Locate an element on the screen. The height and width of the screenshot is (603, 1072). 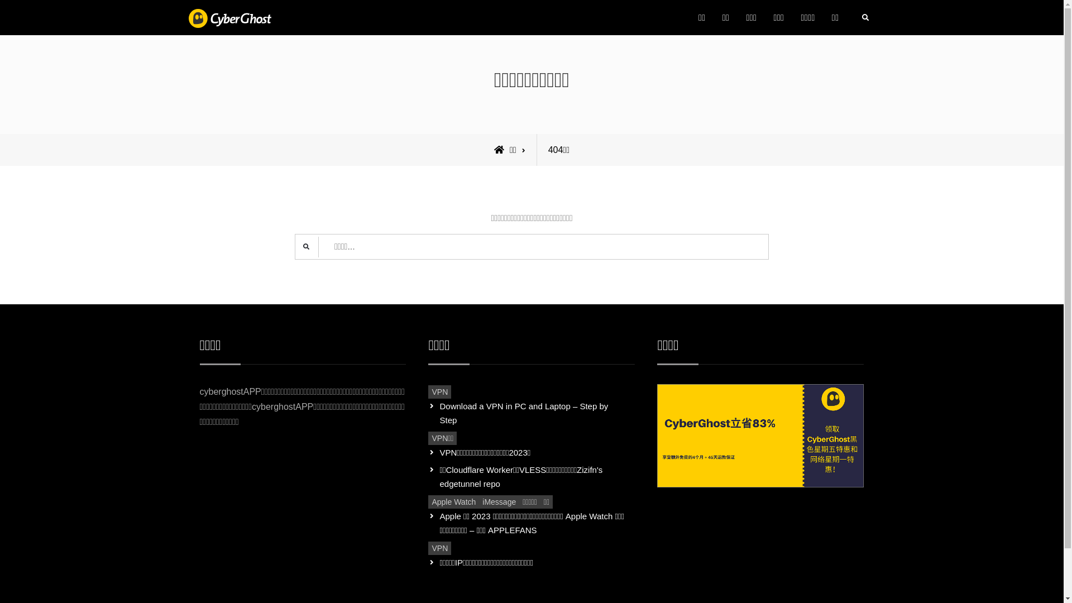
'Search' is located at coordinates (864, 17).